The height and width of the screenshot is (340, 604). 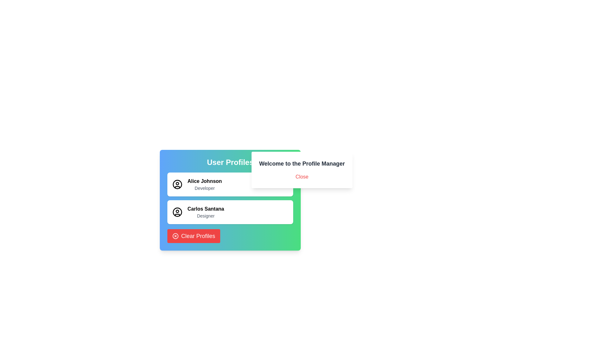 What do you see at coordinates (302, 170) in the screenshot?
I see `the Close button on the informational modal dialog that welcomes the user to the Profile Manager application` at bounding box center [302, 170].